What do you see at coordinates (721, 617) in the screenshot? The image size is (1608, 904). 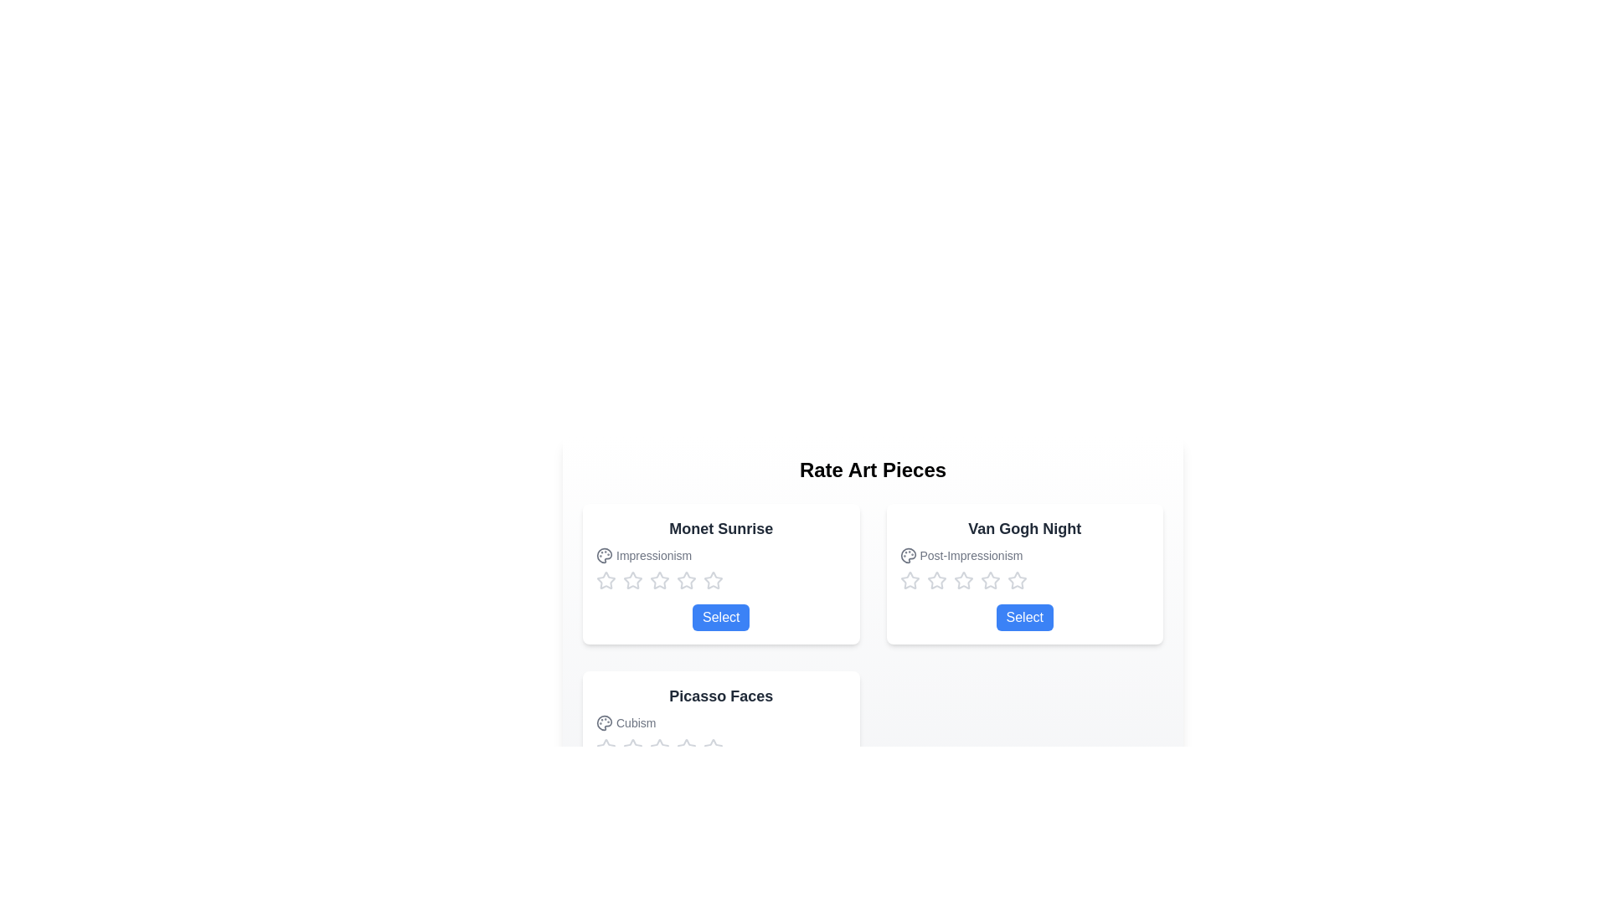 I see `the button at the bottom of the card titled 'Monet Sunrise'` at bounding box center [721, 617].